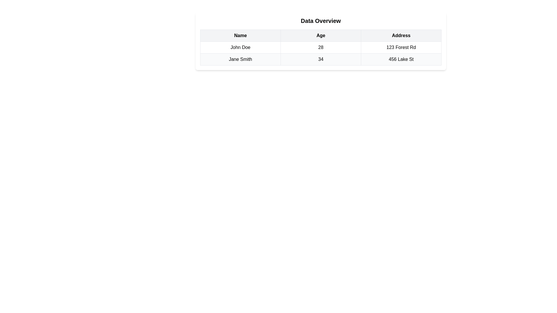 This screenshot has height=313, width=557. What do you see at coordinates (320, 59) in the screenshot?
I see `text displayed in the 'Age' column for 'Jane Smith', which shows the value '34'` at bounding box center [320, 59].